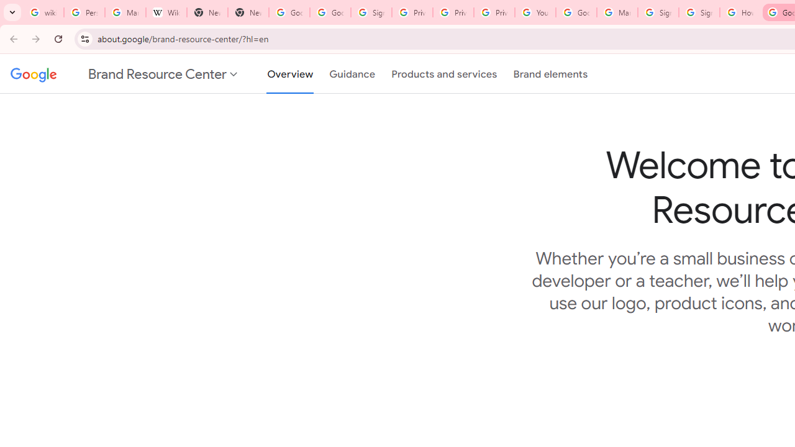  I want to click on 'Google Drive: Sign-in', so click(330, 12).